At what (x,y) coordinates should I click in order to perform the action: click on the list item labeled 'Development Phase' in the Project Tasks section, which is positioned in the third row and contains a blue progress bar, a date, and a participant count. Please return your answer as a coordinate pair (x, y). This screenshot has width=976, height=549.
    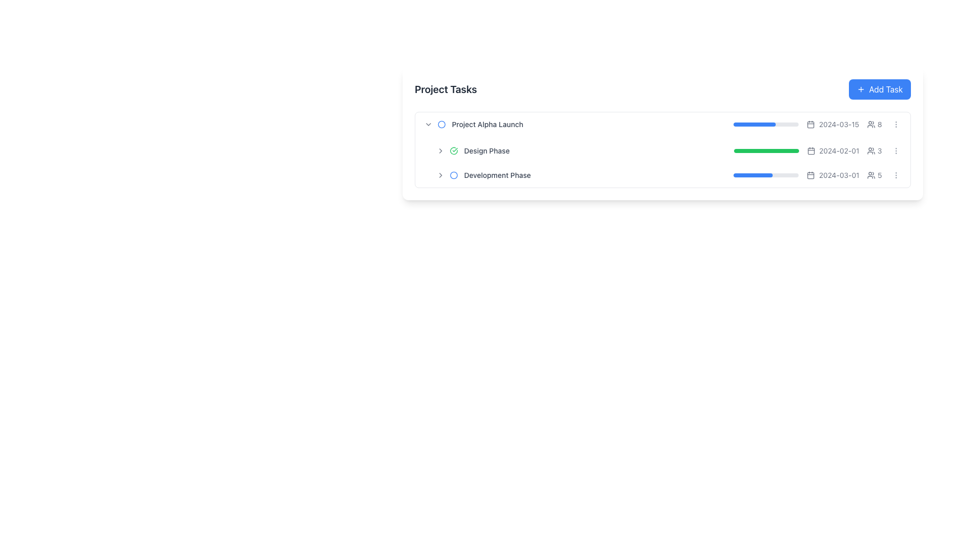
    Looking at the image, I should click on (668, 174).